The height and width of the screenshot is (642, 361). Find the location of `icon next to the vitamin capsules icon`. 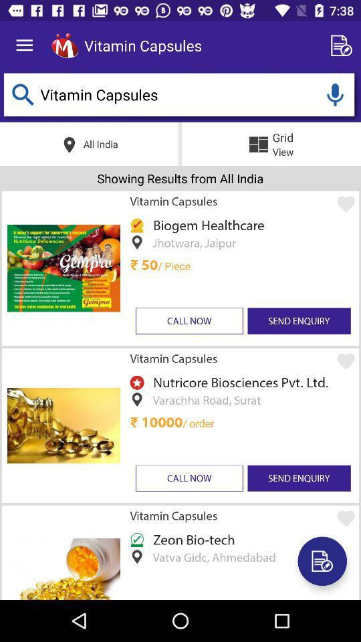

icon next to the vitamin capsules icon is located at coordinates (64, 45).